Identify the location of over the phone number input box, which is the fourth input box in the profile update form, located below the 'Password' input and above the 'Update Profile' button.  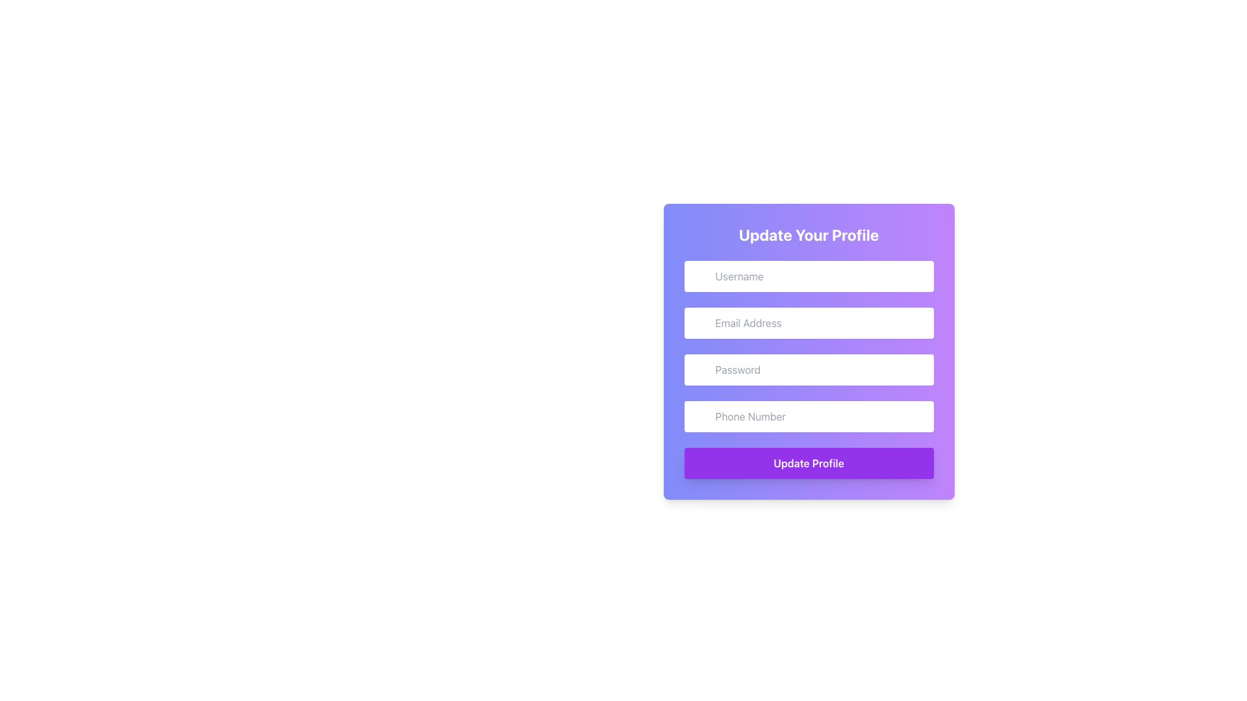
(808, 416).